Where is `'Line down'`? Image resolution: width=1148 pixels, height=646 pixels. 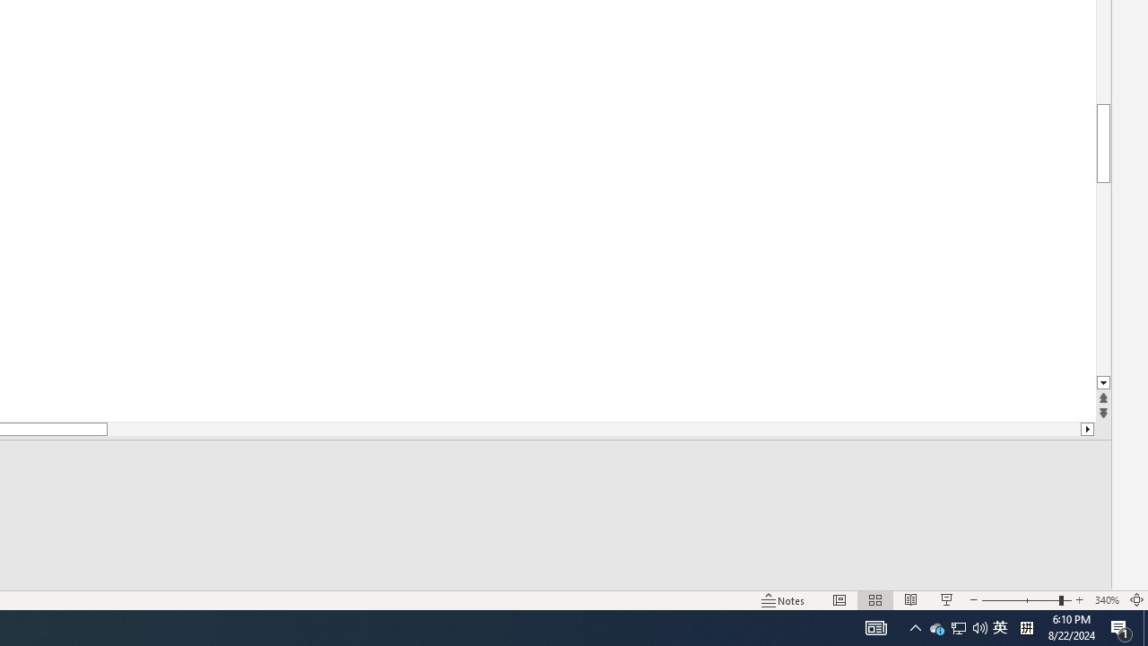 'Line down' is located at coordinates (1102, 382).